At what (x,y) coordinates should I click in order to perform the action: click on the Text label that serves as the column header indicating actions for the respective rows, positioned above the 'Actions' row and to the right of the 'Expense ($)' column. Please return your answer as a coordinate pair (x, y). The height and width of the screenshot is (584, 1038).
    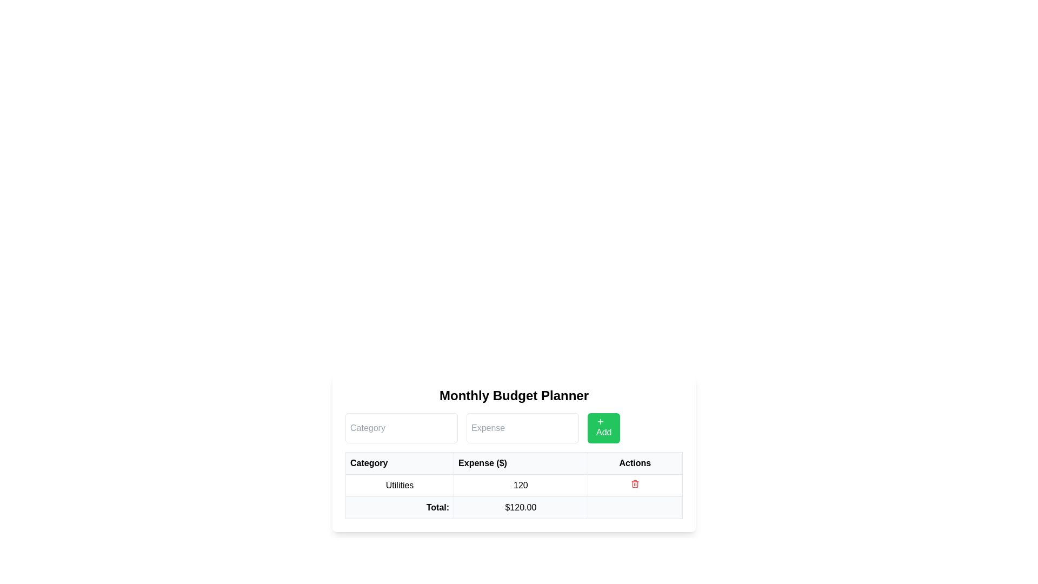
    Looking at the image, I should click on (635, 462).